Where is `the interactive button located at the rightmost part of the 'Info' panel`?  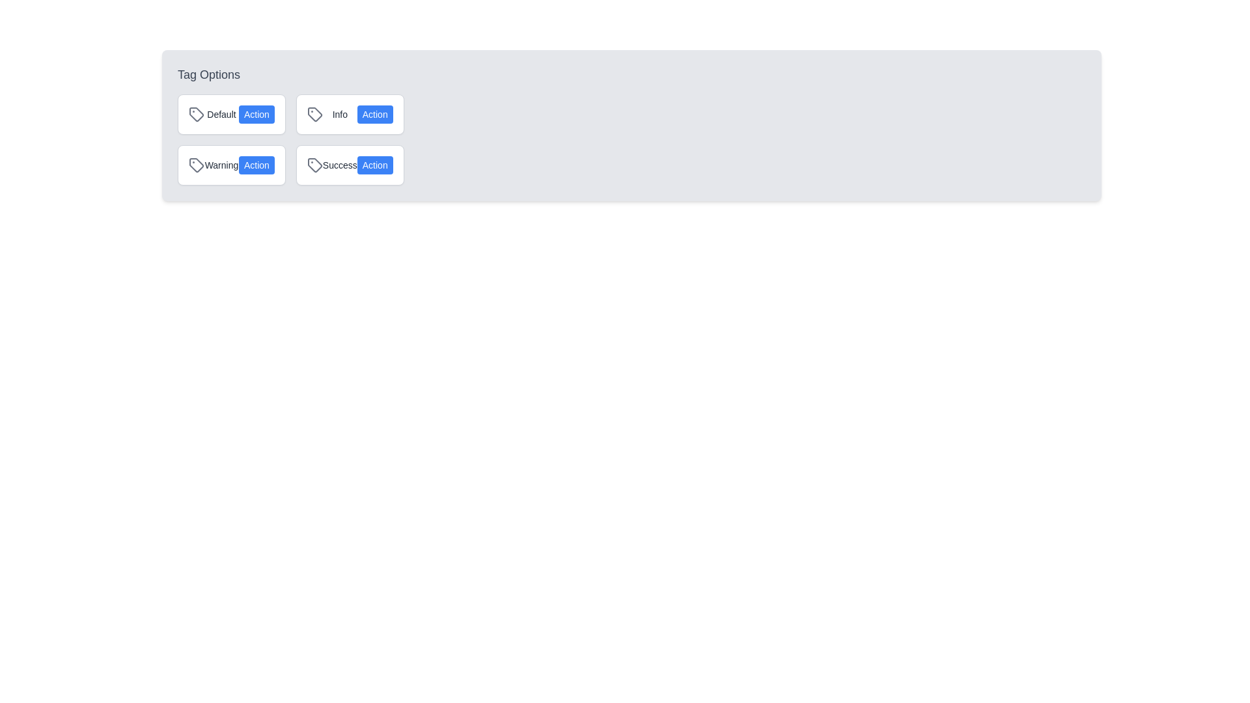 the interactive button located at the rightmost part of the 'Info' panel is located at coordinates (374, 114).